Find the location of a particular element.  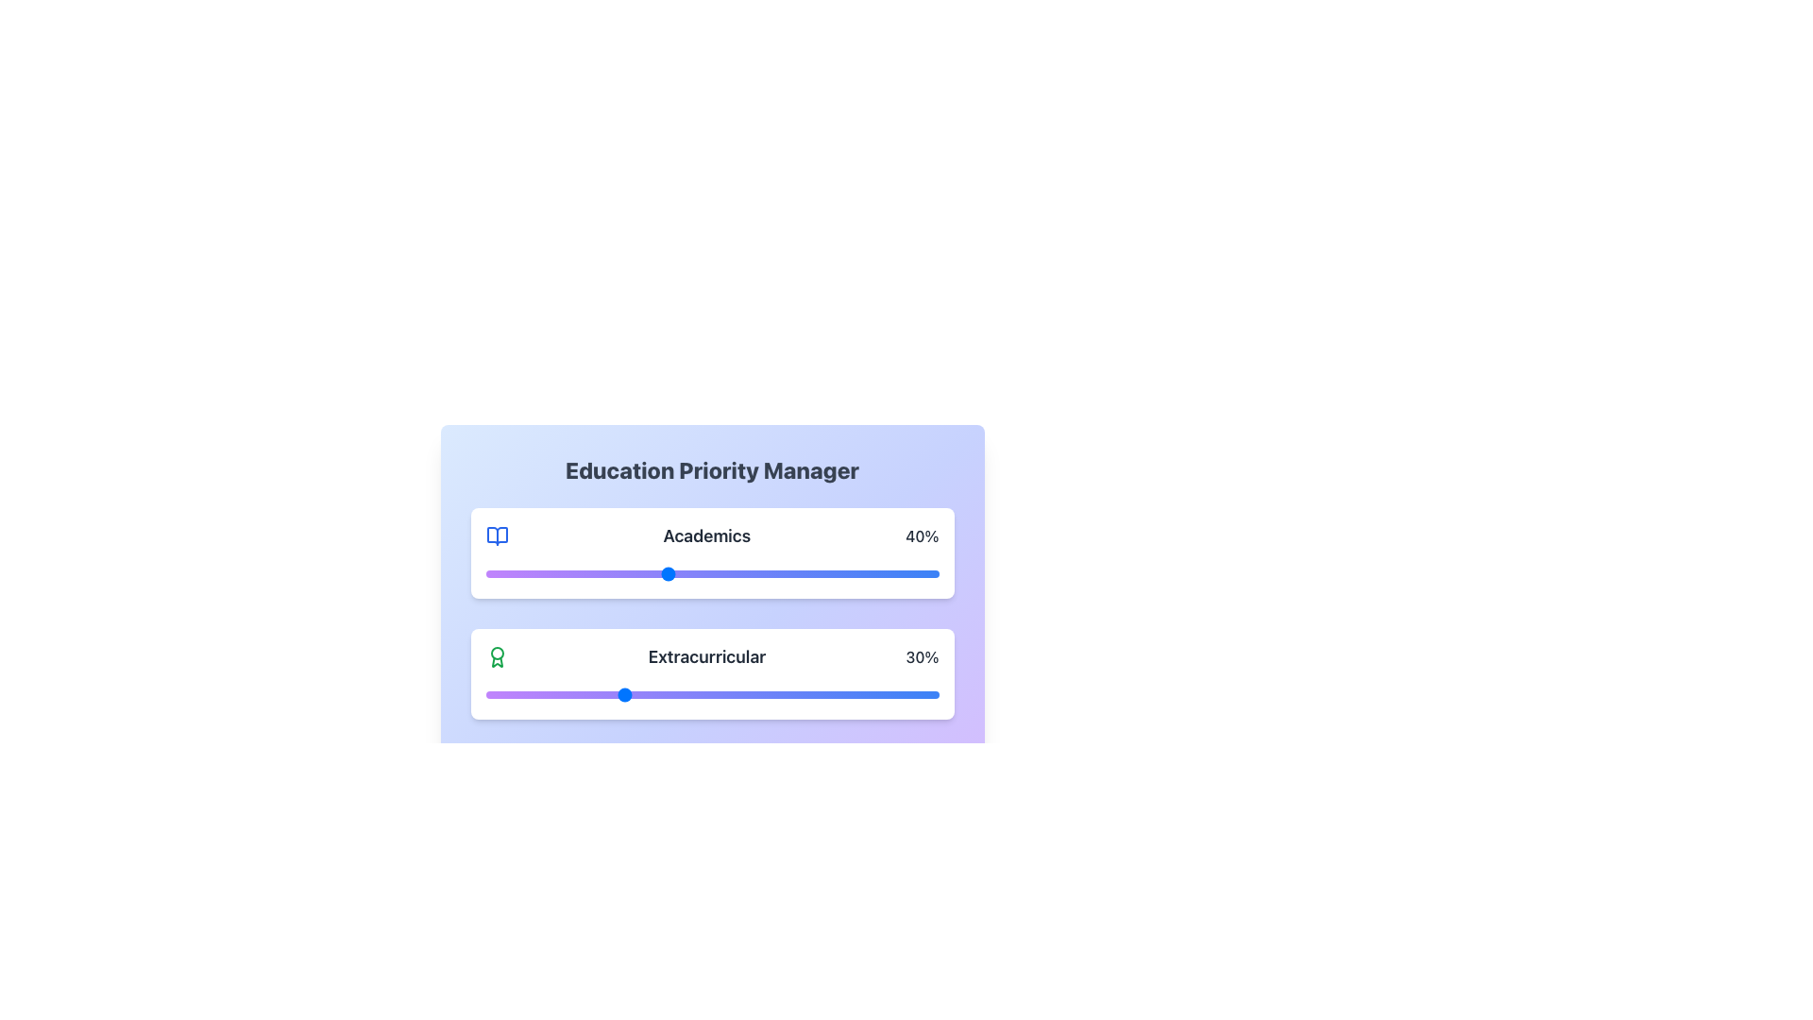

'Extracurricular' value is located at coordinates (812, 695).